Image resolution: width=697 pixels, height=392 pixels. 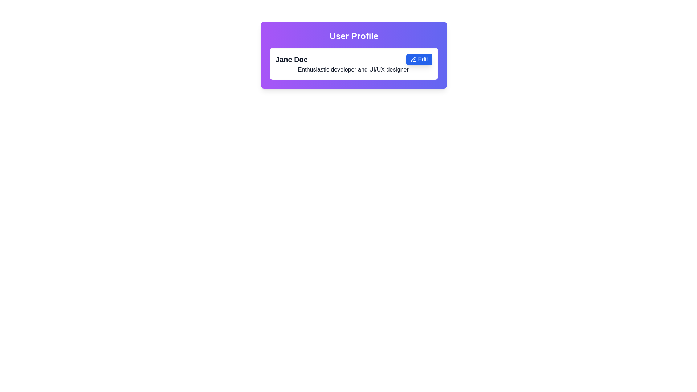 What do you see at coordinates (354, 69) in the screenshot?
I see `the static text content located at the bottom of the user profile card, which serves as a descriptor or tagline for the user` at bounding box center [354, 69].